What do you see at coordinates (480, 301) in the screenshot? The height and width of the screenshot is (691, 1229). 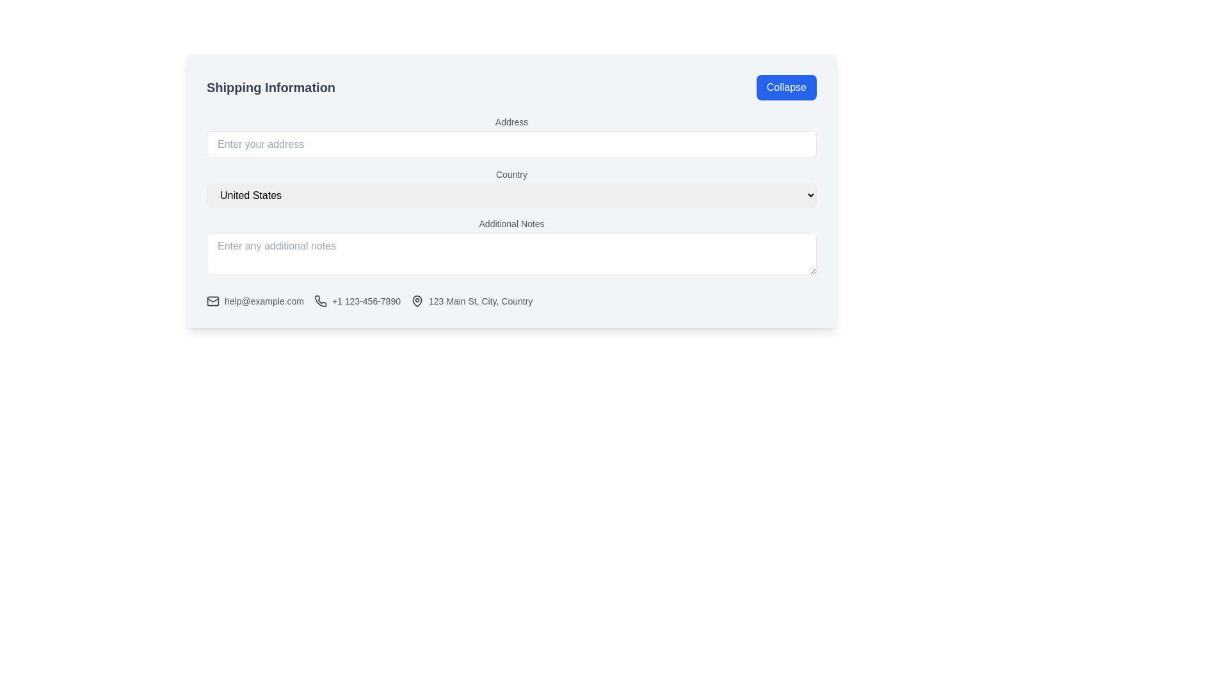 I see `the non-interactive text label displaying the address located on the bottom-right side of the layout, adjacent to a map pin icon` at bounding box center [480, 301].